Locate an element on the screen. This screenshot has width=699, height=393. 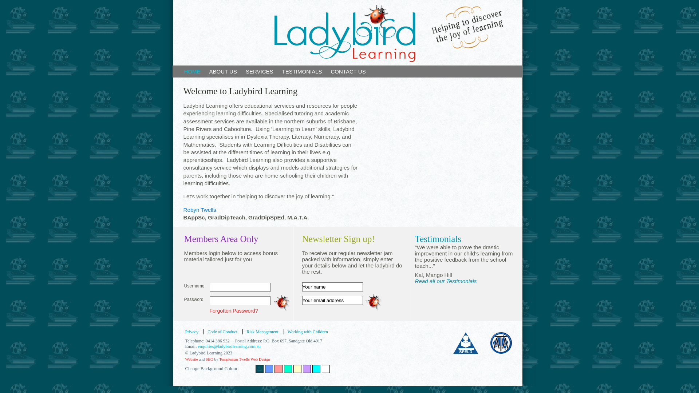
'Privacy' is located at coordinates (193, 332).